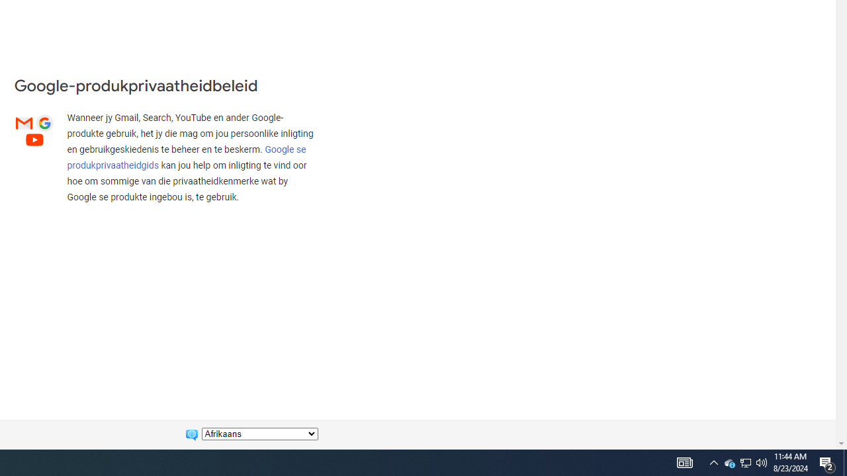 This screenshot has width=847, height=476. I want to click on 'Verander taal:', so click(259, 434).